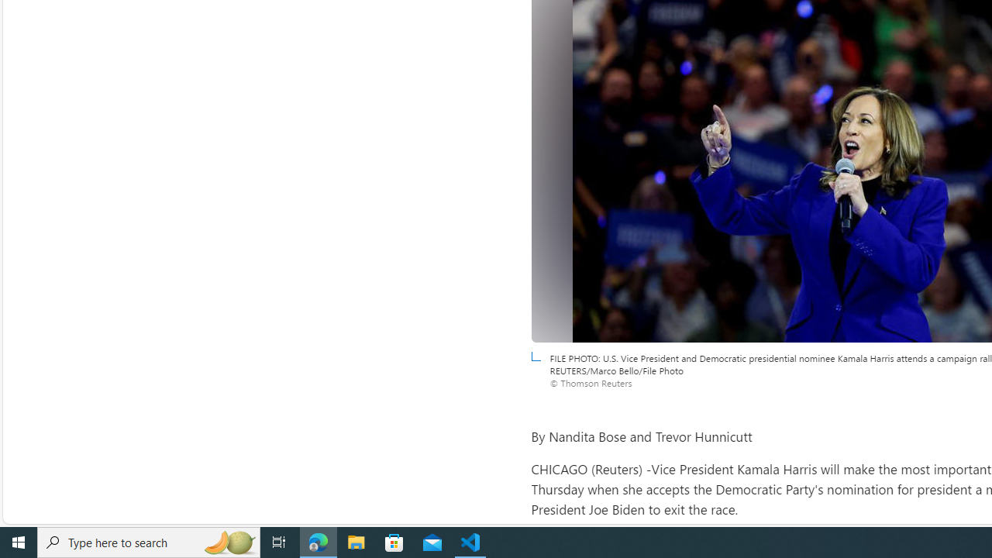 This screenshot has height=558, width=992. What do you see at coordinates (228, 541) in the screenshot?
I see `'Search highlights icon opens search home window'` at bounding box center [228, 541].